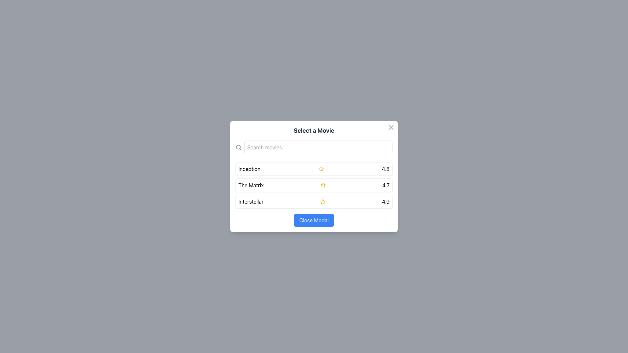 Image resolution: width=628 pixels, height=353 pixels. What do you see at coordinates (238, 147) in the screenshot?
I see `the circular part of the search icon located on the left side of the input field in the 'Select a Movie' popup dialog` at bounding box center [238, 147].